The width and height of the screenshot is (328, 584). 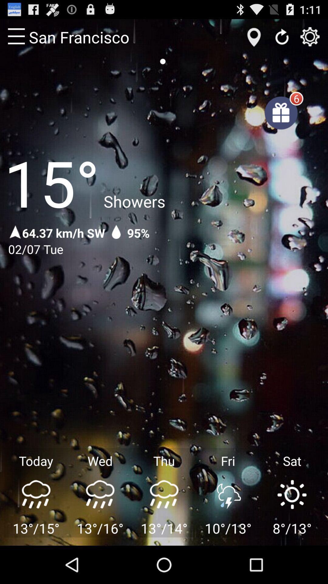 I want to click on the location icon, so click(x=254, y=39).